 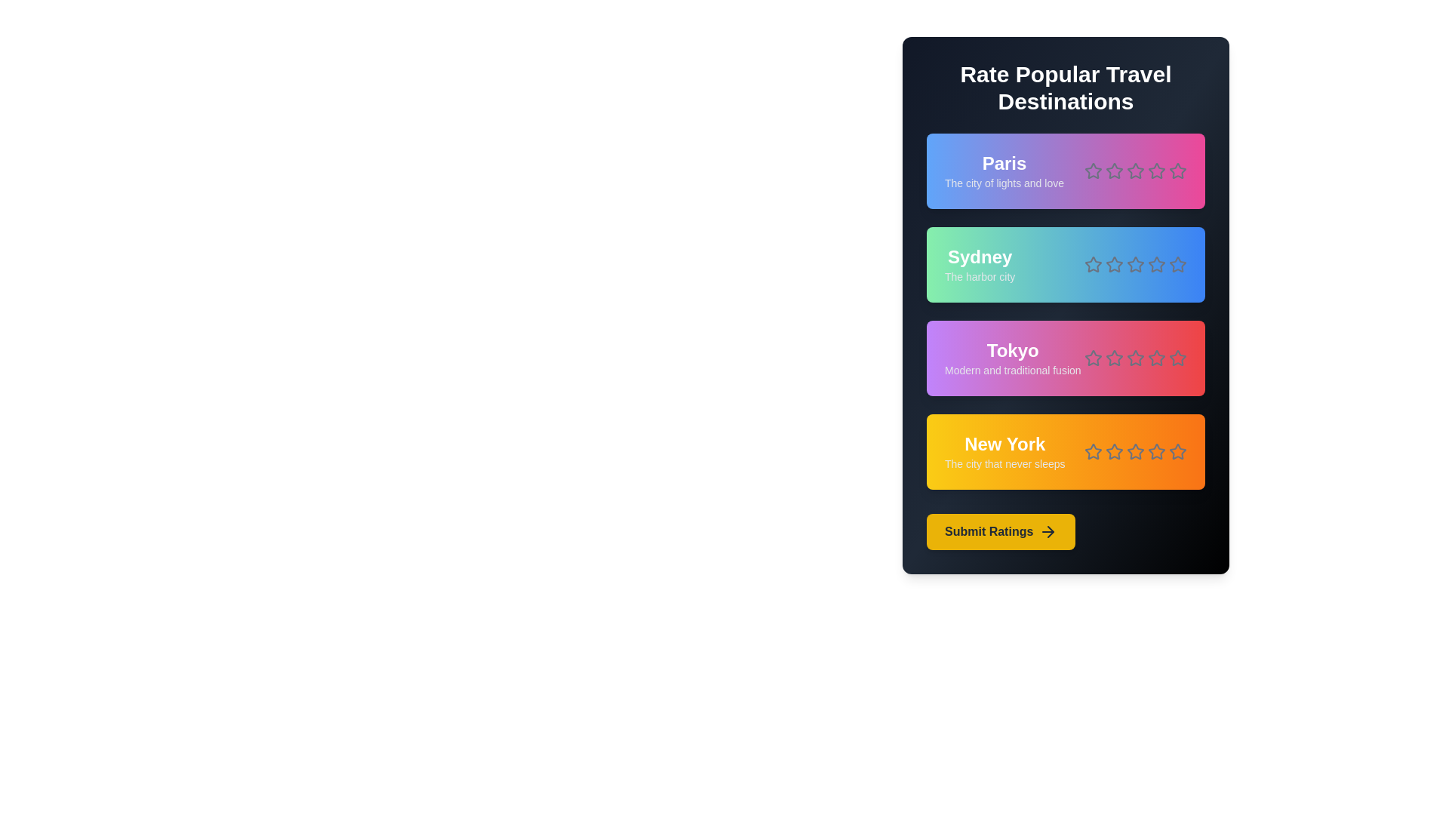 What do you see at coordinates (1177, 171) in the screenshot?
I see `the star corresponding to 5 stars to preview the rating` at bounding box center [1177, 171].